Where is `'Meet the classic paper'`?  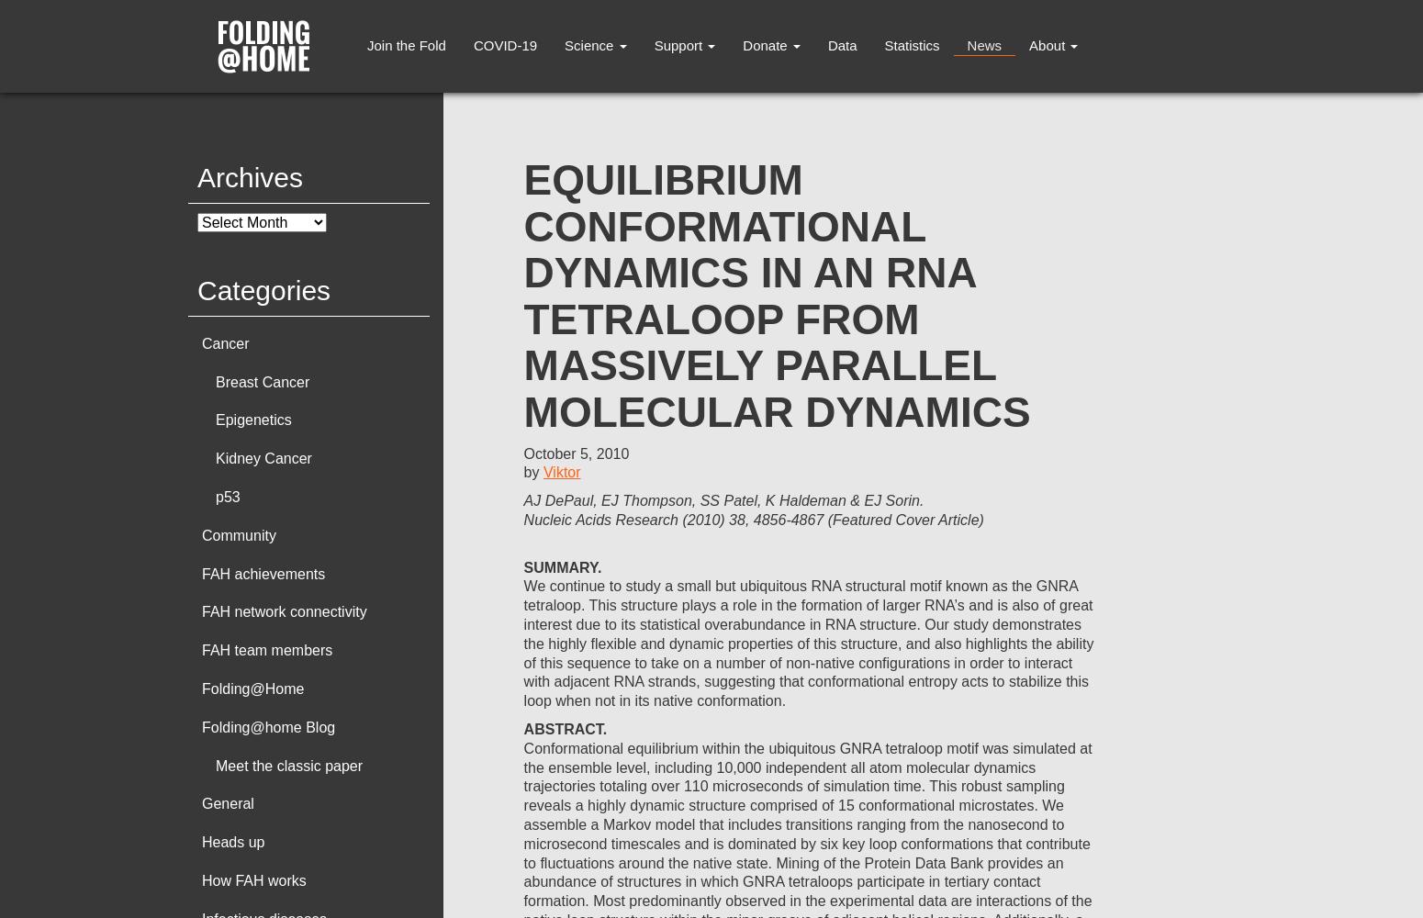
'Meet the classic paper' is located at coordinates (287, 764).